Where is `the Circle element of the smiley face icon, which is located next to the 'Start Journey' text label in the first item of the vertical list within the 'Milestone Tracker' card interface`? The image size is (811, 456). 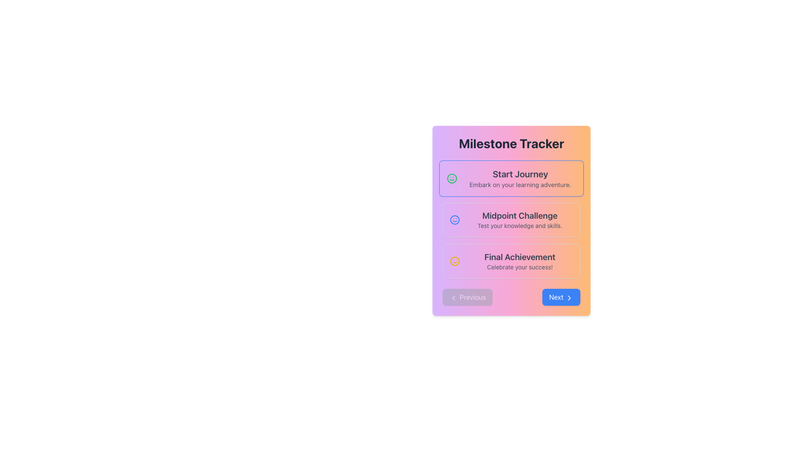
the Circle element of the smiley face icon, which is located next to the 'Start Journey' text label in the first item of the vertical list within the 'Milestone Tracker' card interface is located at coordinates (454, 261).